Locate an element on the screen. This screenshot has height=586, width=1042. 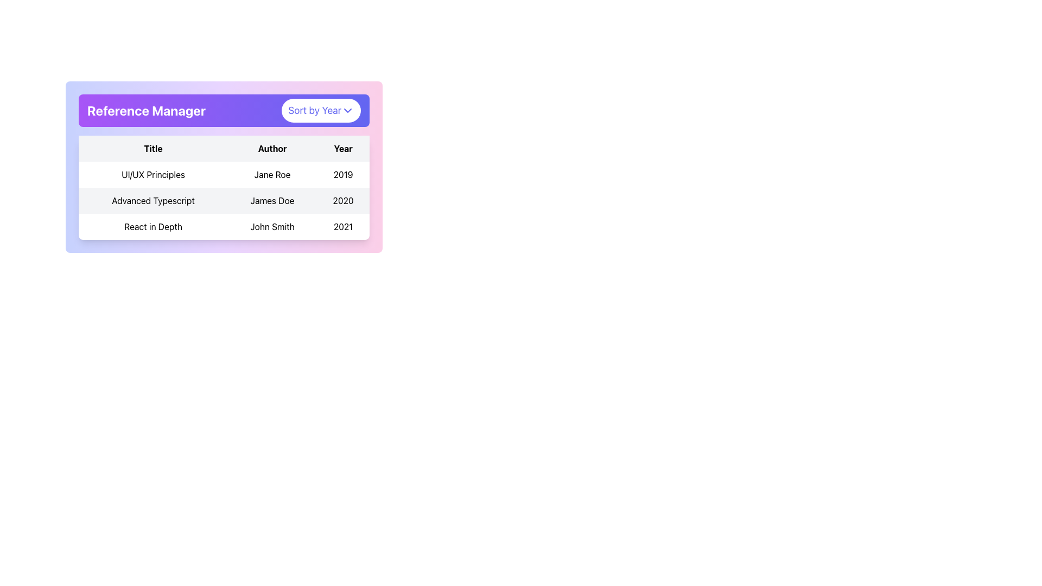
the Text Display element that shows 'Jane Roe' in the Author column, which is centered within its grid cell is located at coordinates (272, 174).